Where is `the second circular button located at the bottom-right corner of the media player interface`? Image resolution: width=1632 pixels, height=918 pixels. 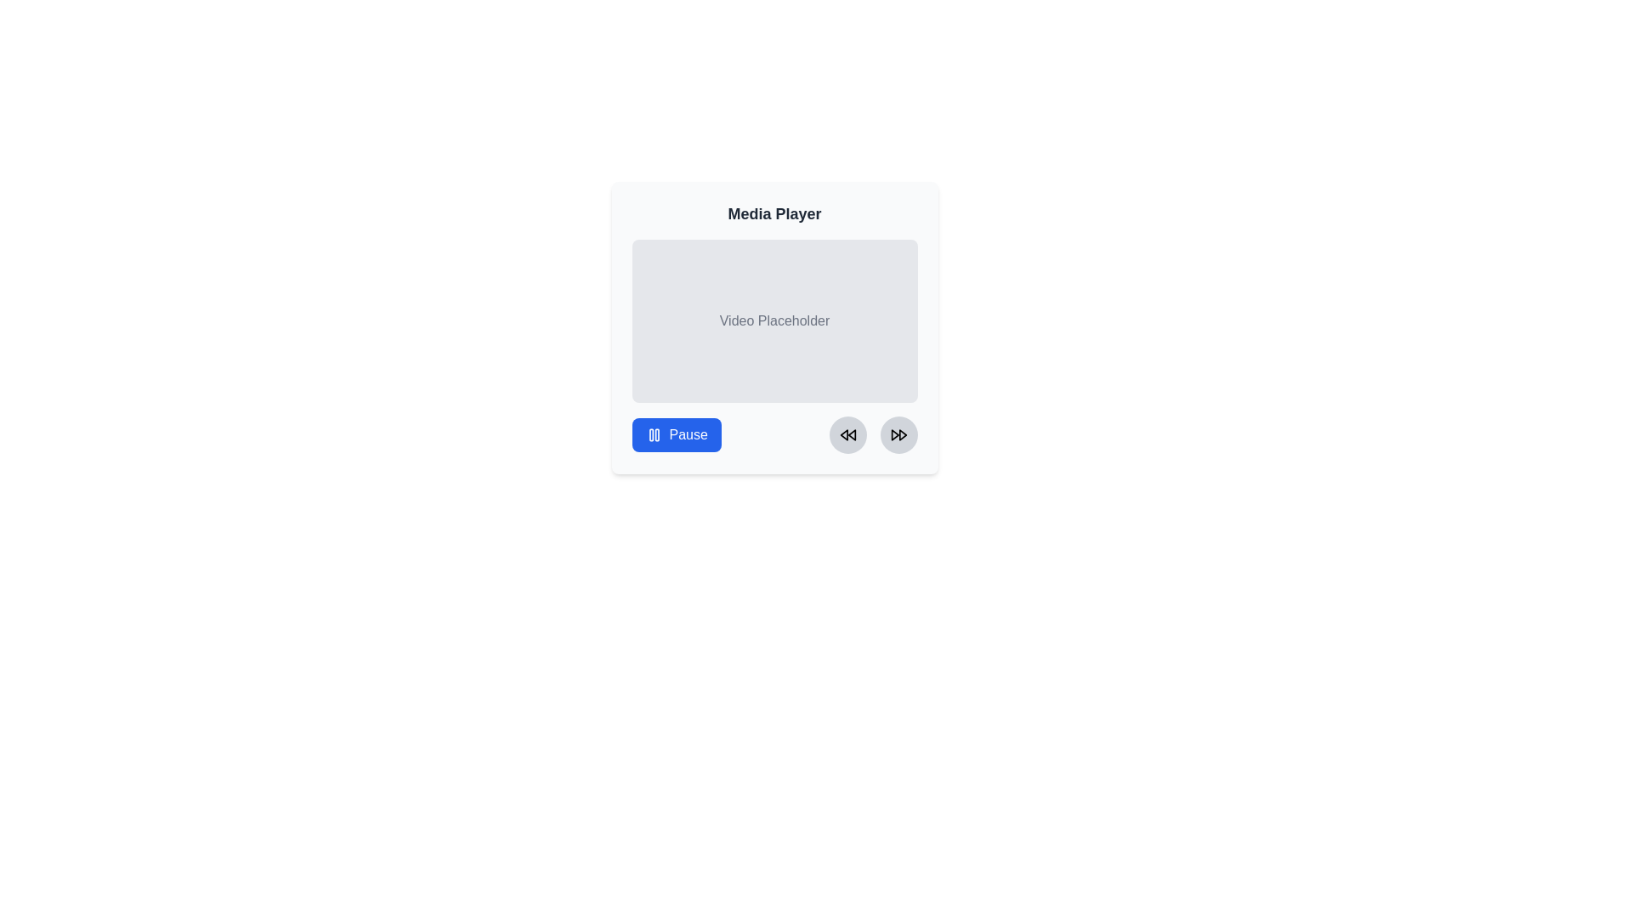
the second circular button located at the bottom-right corner of the media player interface is located at coordinates (898, 434).